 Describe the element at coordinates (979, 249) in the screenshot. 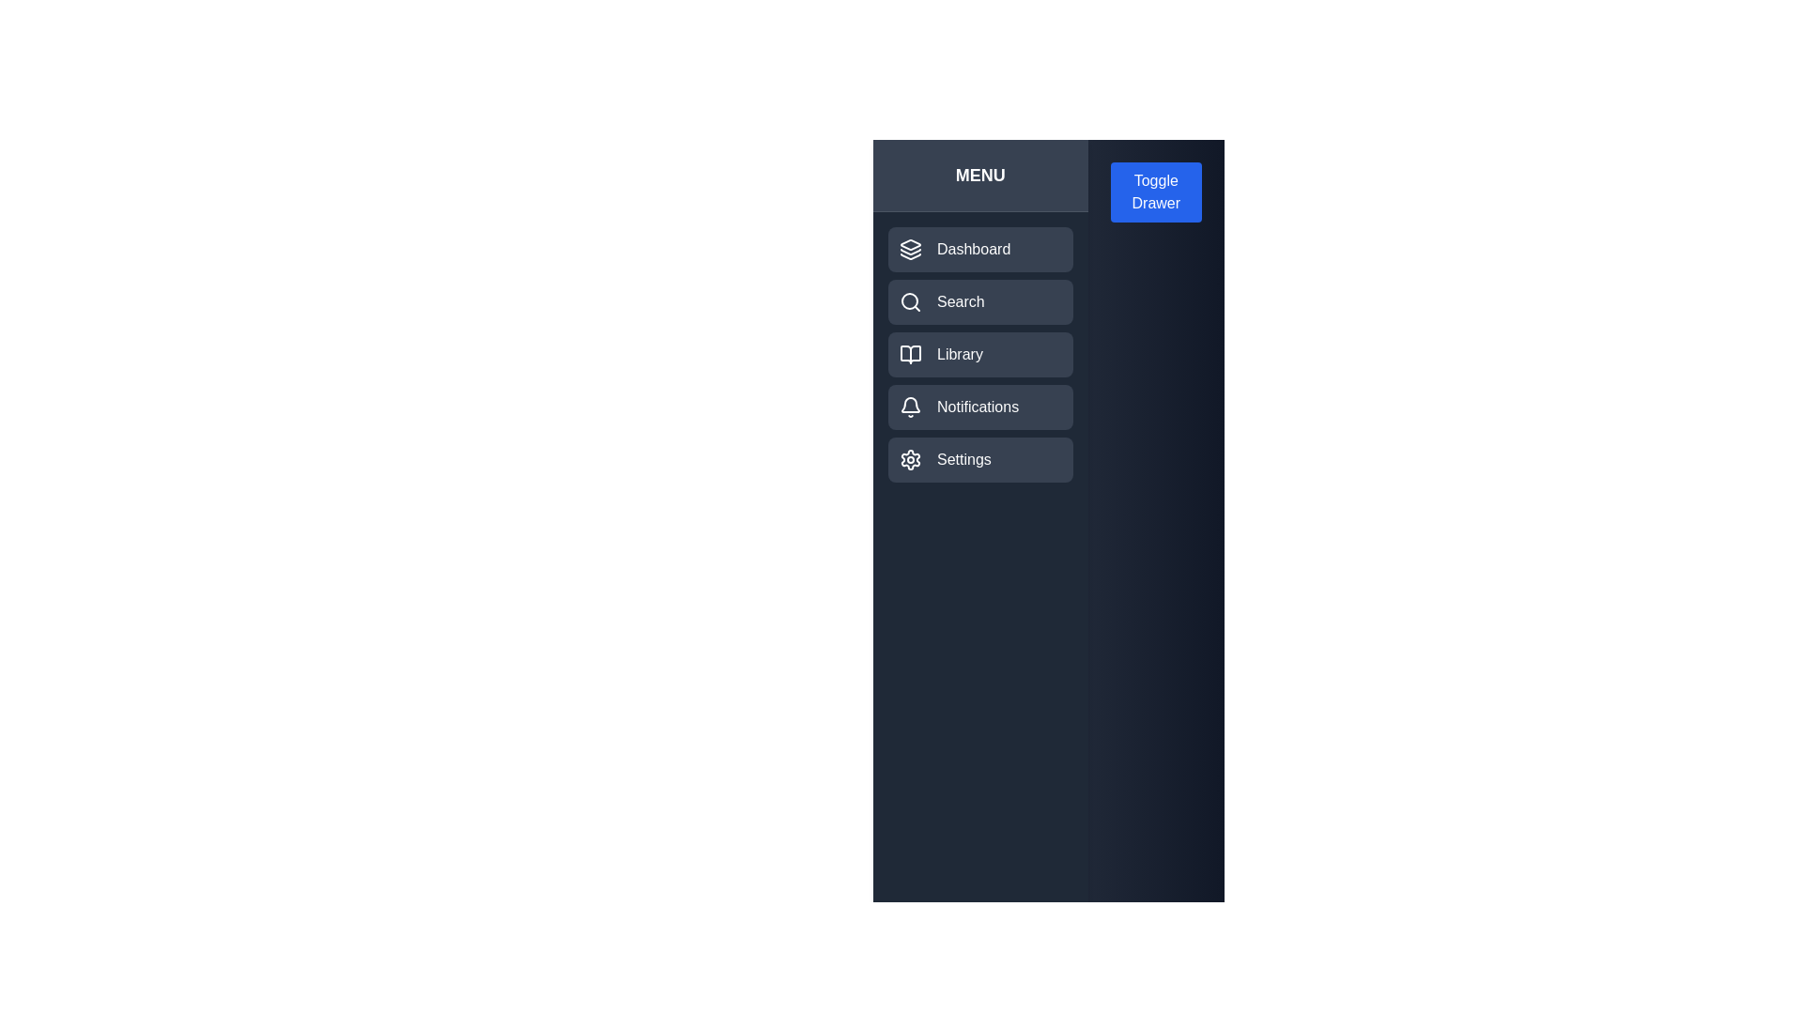

I see `the menu item labeled 'Dashboard' to observe its hover effect` at that location.